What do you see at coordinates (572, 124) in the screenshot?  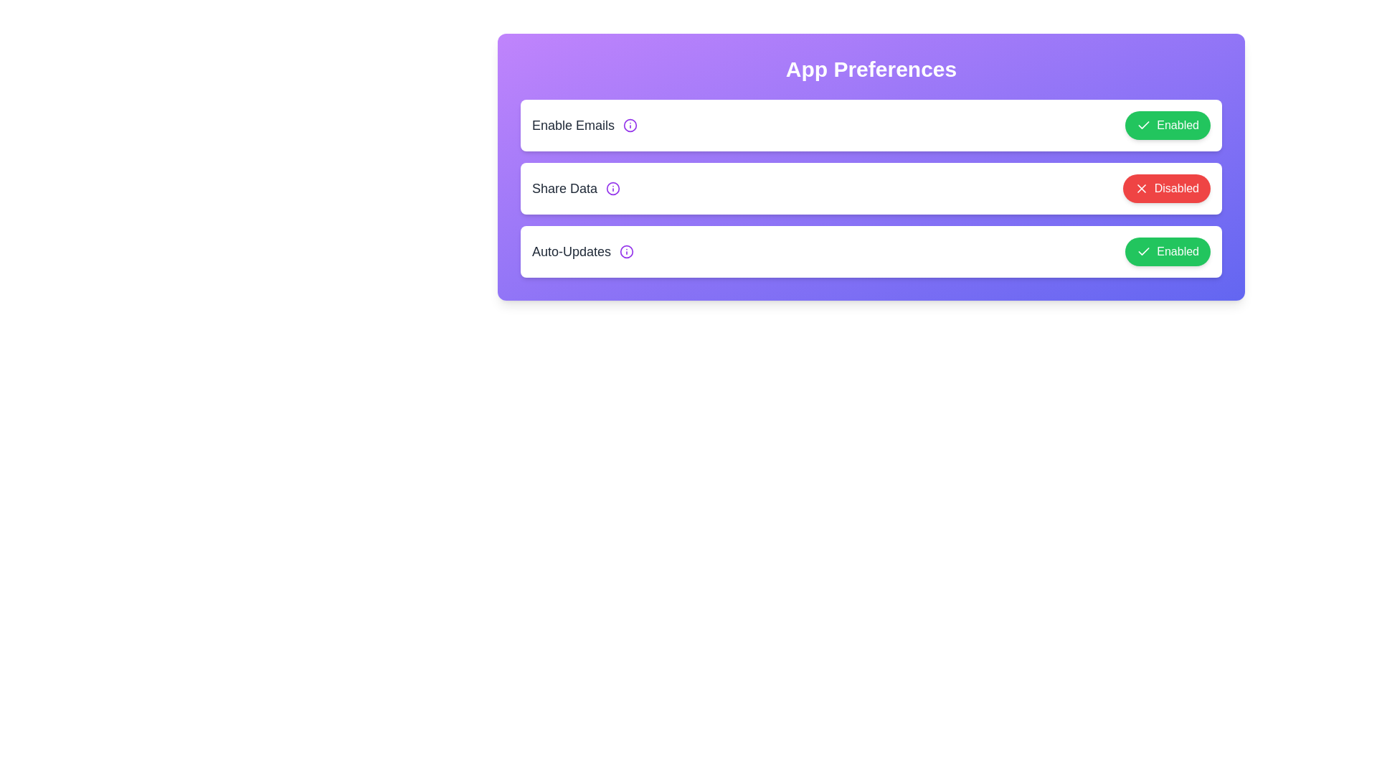 I see `the text label corresponding to Enable Emails` at bounding box center [572, 124].